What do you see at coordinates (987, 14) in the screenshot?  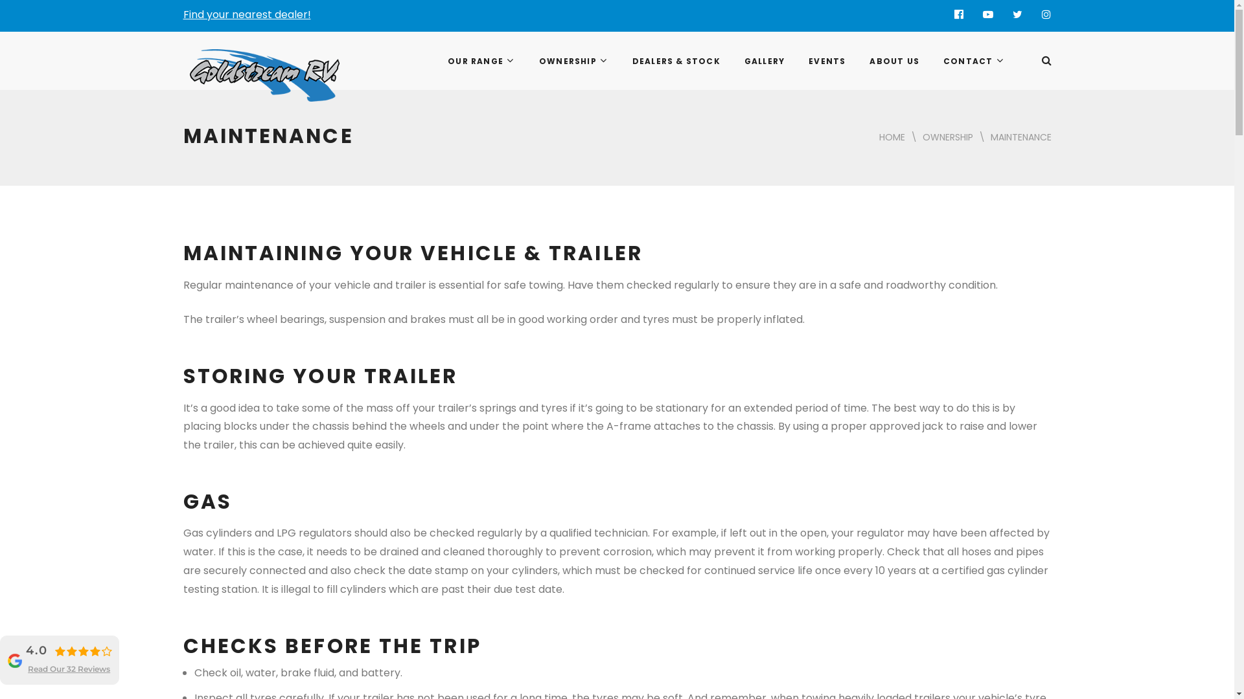 I see `'YouTube'` at bounding box center [987, 14].